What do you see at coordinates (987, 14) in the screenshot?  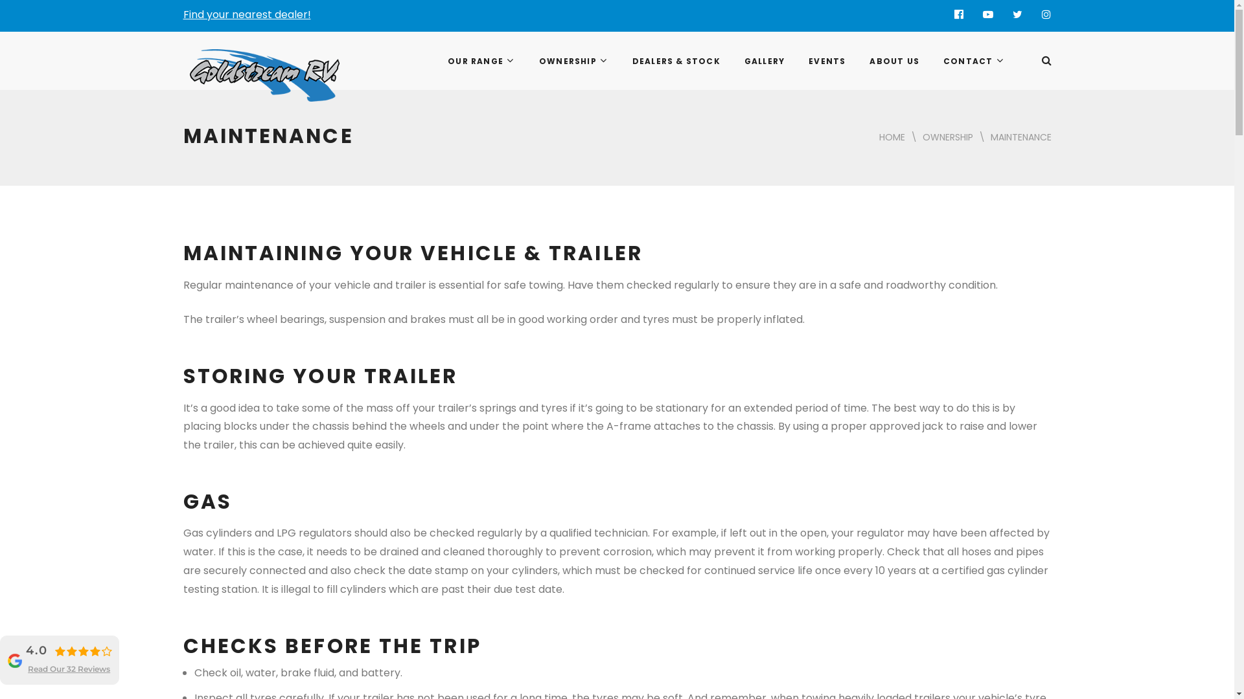 I see `'YouTube'` at bounding box center [987, 14].